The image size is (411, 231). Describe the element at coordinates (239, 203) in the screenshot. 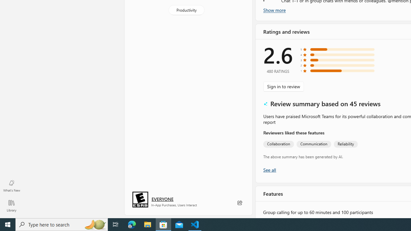

I see `'Share'` at that location.